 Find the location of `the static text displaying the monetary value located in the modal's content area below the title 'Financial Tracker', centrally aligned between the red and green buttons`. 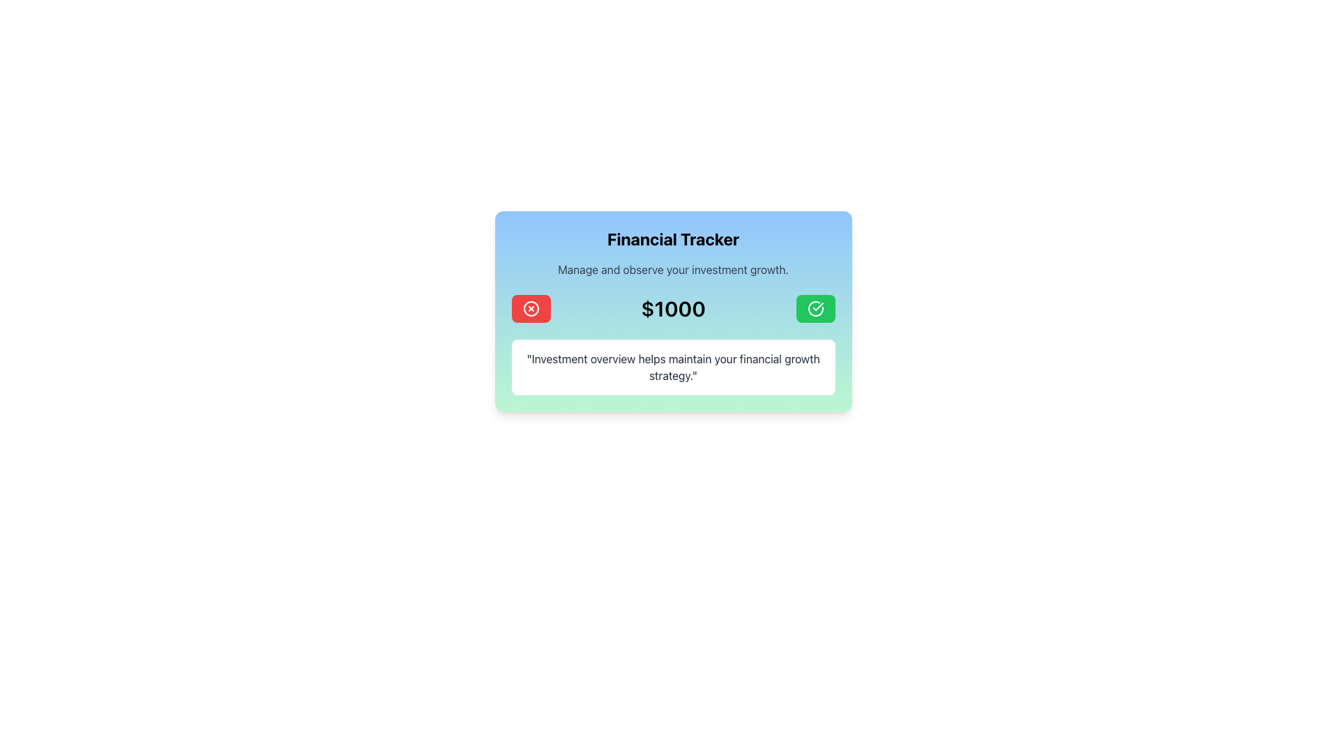

the static text displaying the monetary value located in the modal's content area below the title 'Financial Tracker', centrally aligned between the red and green buttons is located at coordinates (673, 308).